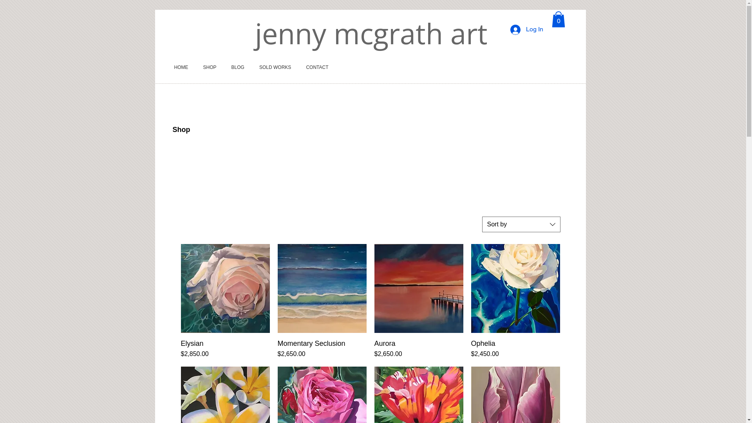 This screenshot has height=423, width=752. I want to click on 'HOME', so click(181, 67).